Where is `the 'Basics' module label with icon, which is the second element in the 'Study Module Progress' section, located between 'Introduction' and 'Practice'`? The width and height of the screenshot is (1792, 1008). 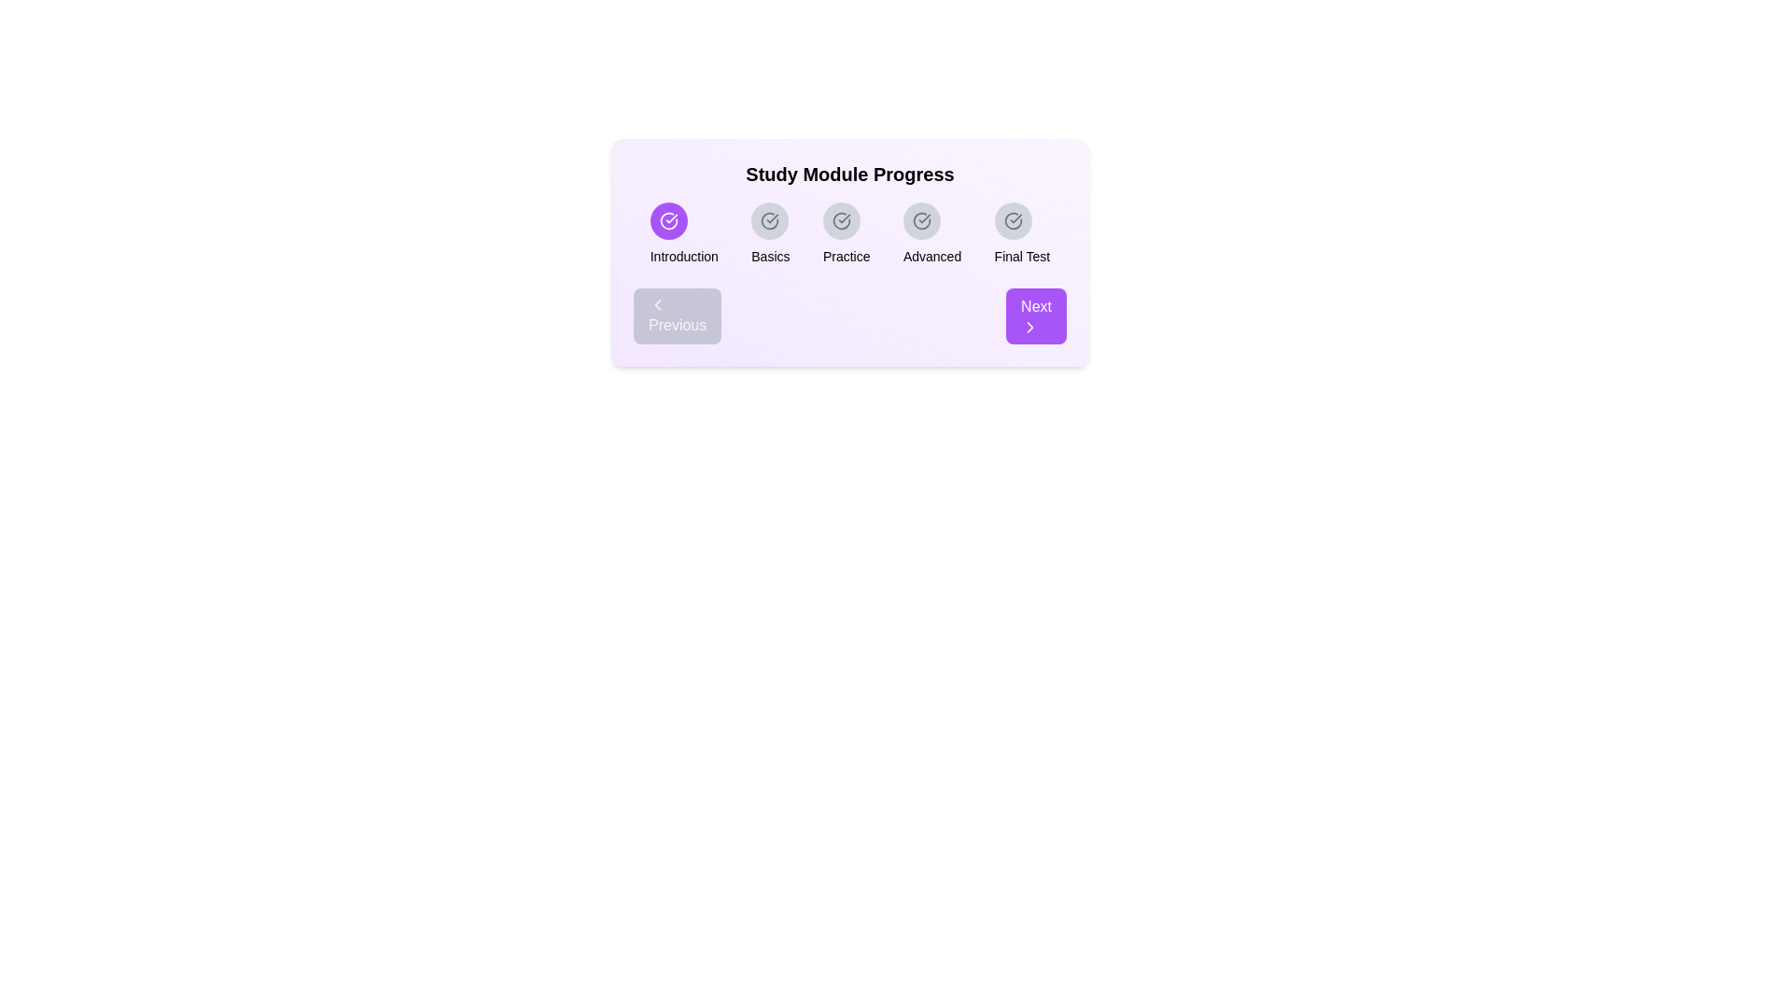 the 'Basics' module label with icon, which is the second element in the 'Study Module Progress' section, located between 'Introduction' and 'Practice' is located at coordinates (770, 232).